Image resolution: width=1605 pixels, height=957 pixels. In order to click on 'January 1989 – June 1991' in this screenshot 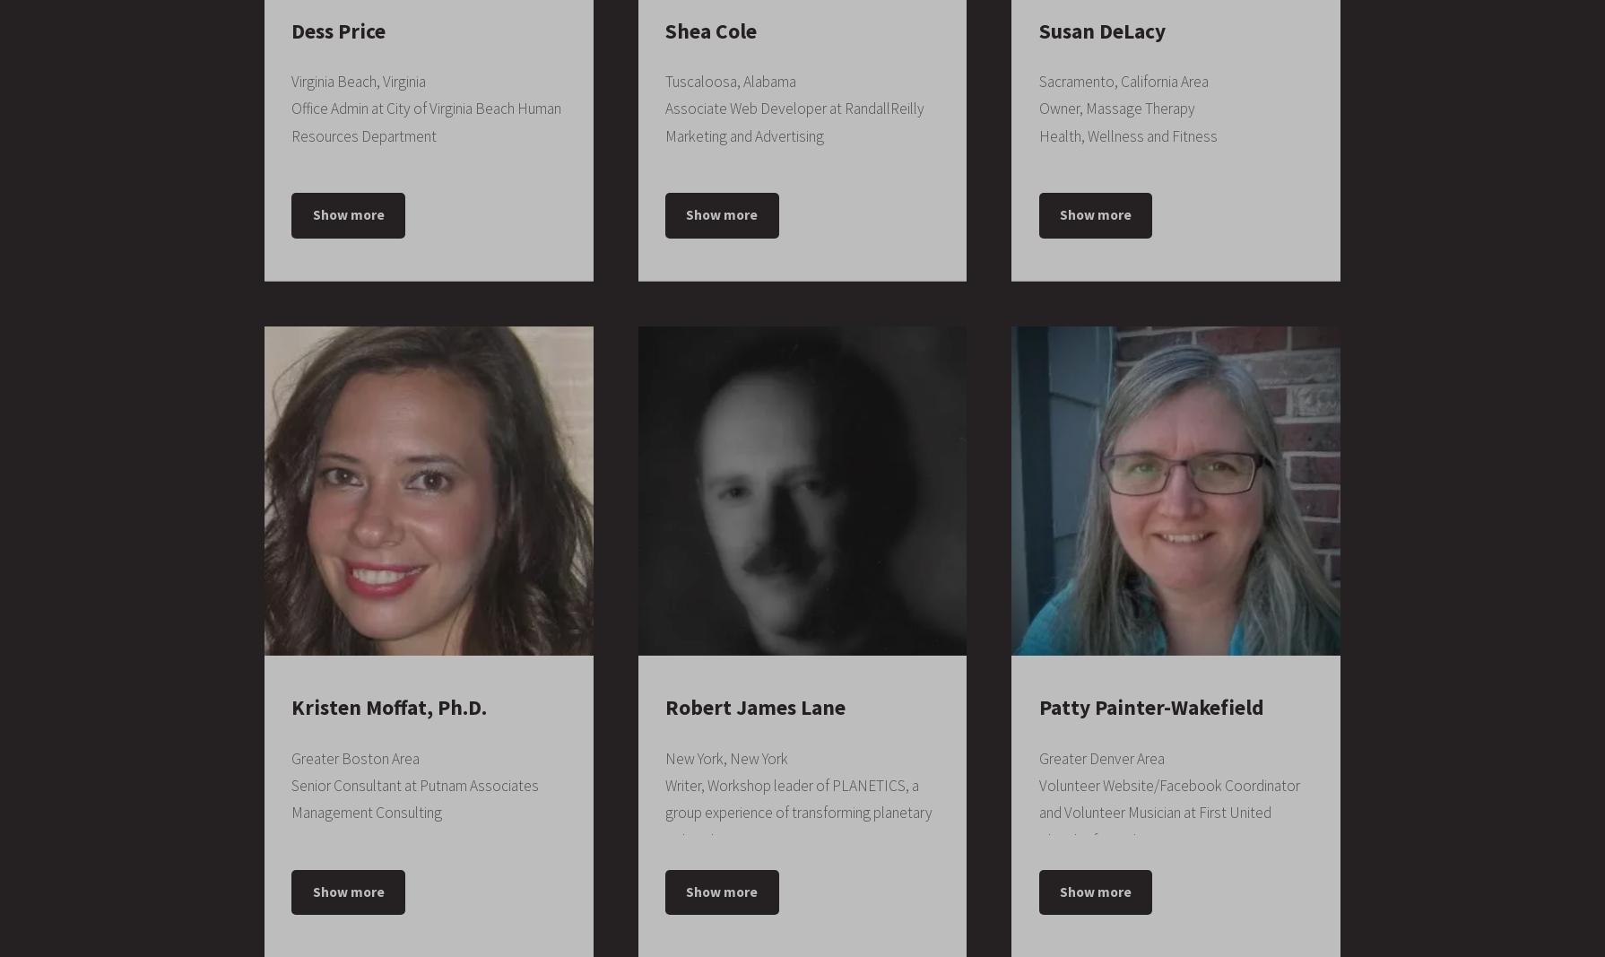, I will do `click(1037, 341)`.